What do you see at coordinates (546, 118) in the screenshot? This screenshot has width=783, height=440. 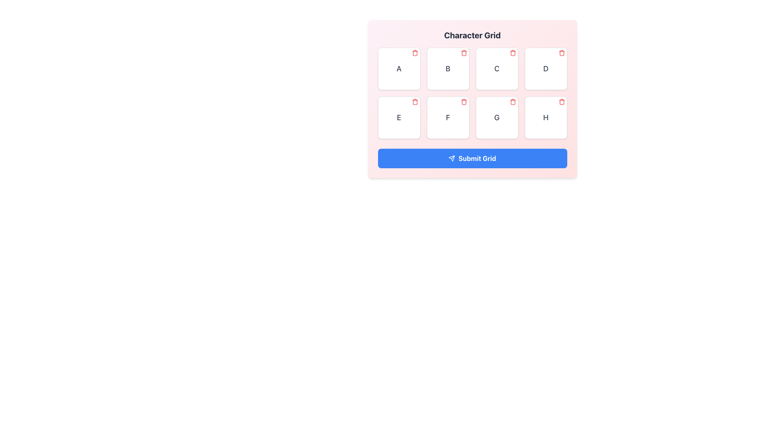 I see `the grid cell labeled 'H' located` at bounding box center [546, 118].